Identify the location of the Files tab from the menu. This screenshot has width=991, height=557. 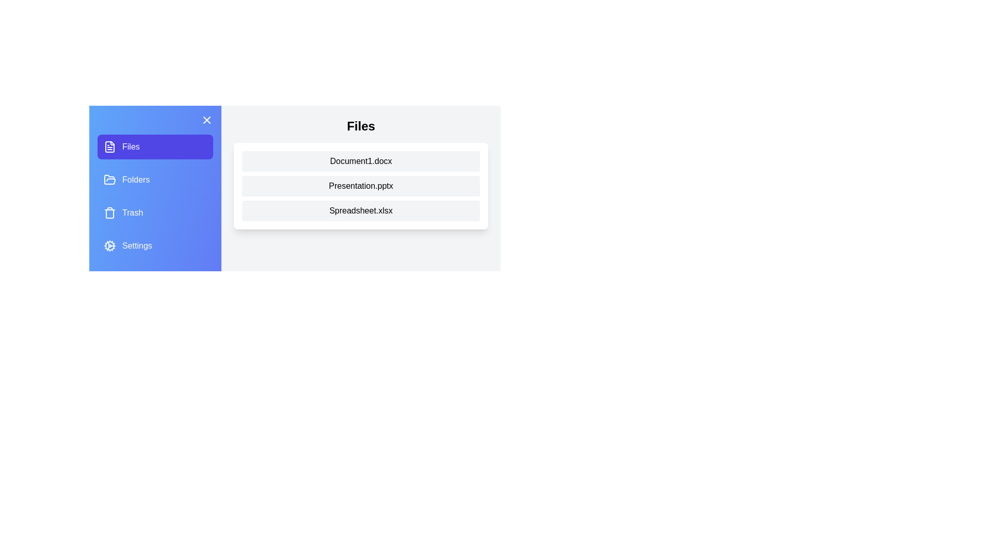
(155, 147).